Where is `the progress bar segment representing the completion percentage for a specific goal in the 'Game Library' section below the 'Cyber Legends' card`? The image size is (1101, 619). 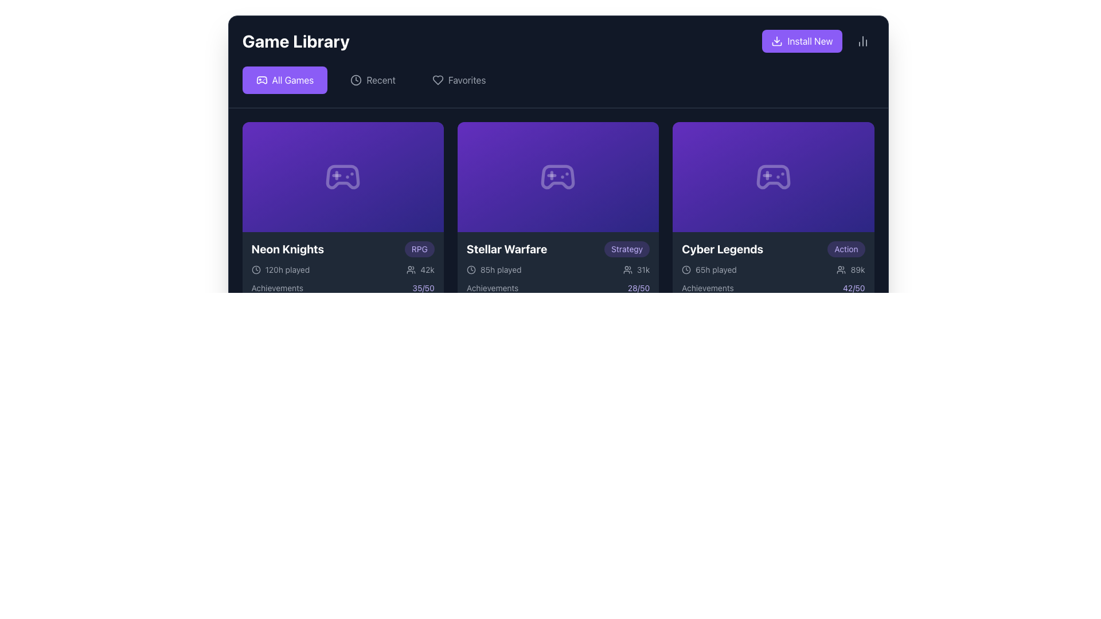
the progress bar segment representing the completion percentage for a specific goal in the 'Game Library' section below the 'Cyber Legends' card is located at coordinates (759, 300).